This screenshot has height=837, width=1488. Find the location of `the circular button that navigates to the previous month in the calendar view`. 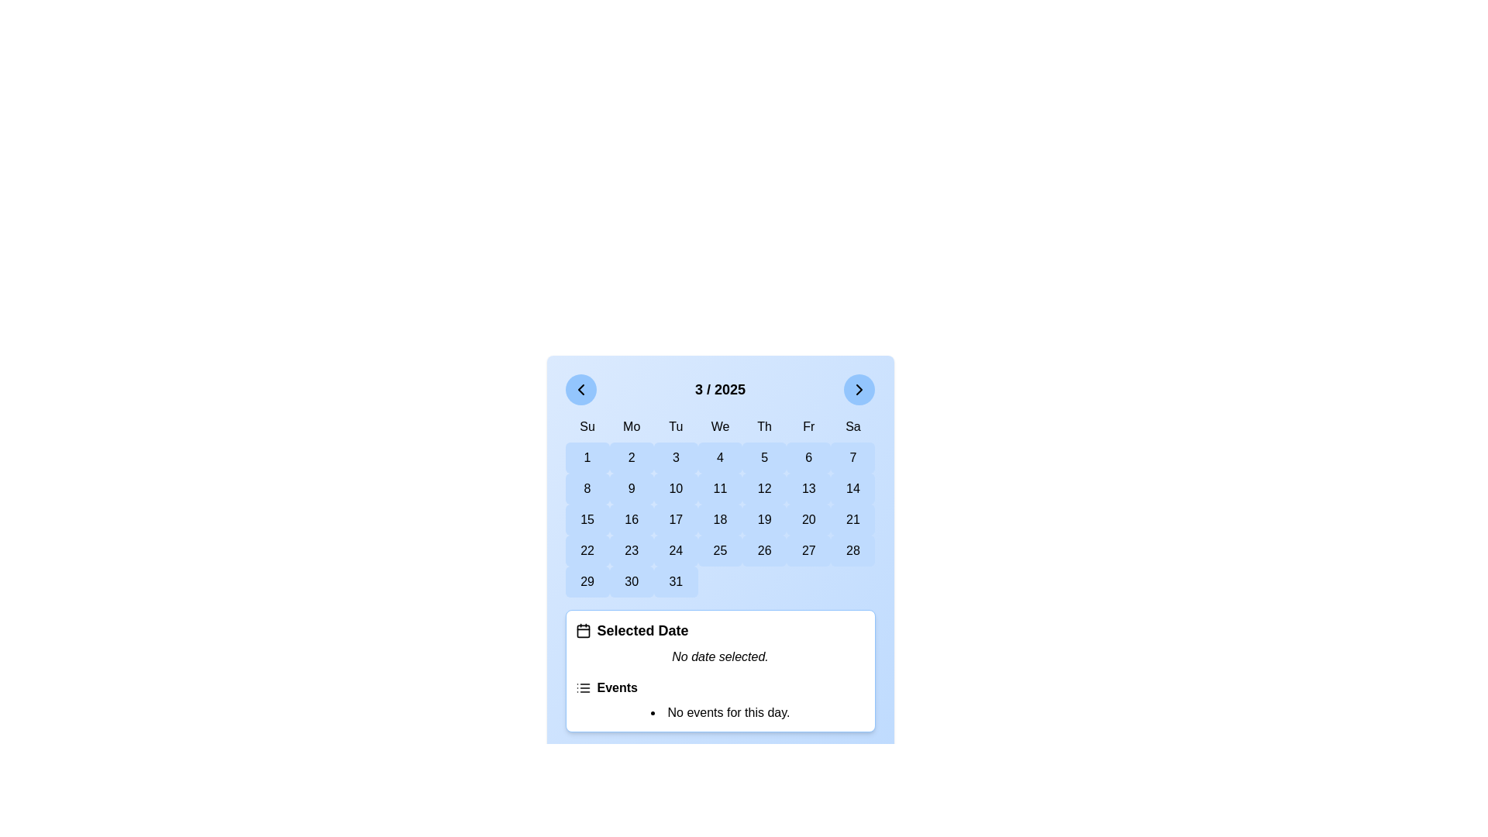

the circular button that navigates to the previous month in the calendar view is located at coordinates (580, 388).